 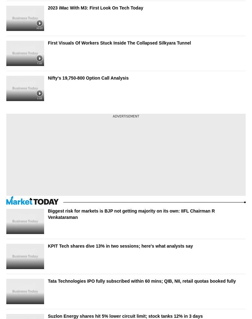 What do you see at coordinates (39, 63) in the screenshot?
I see `'7:22'` at bounding box center [39, 63].